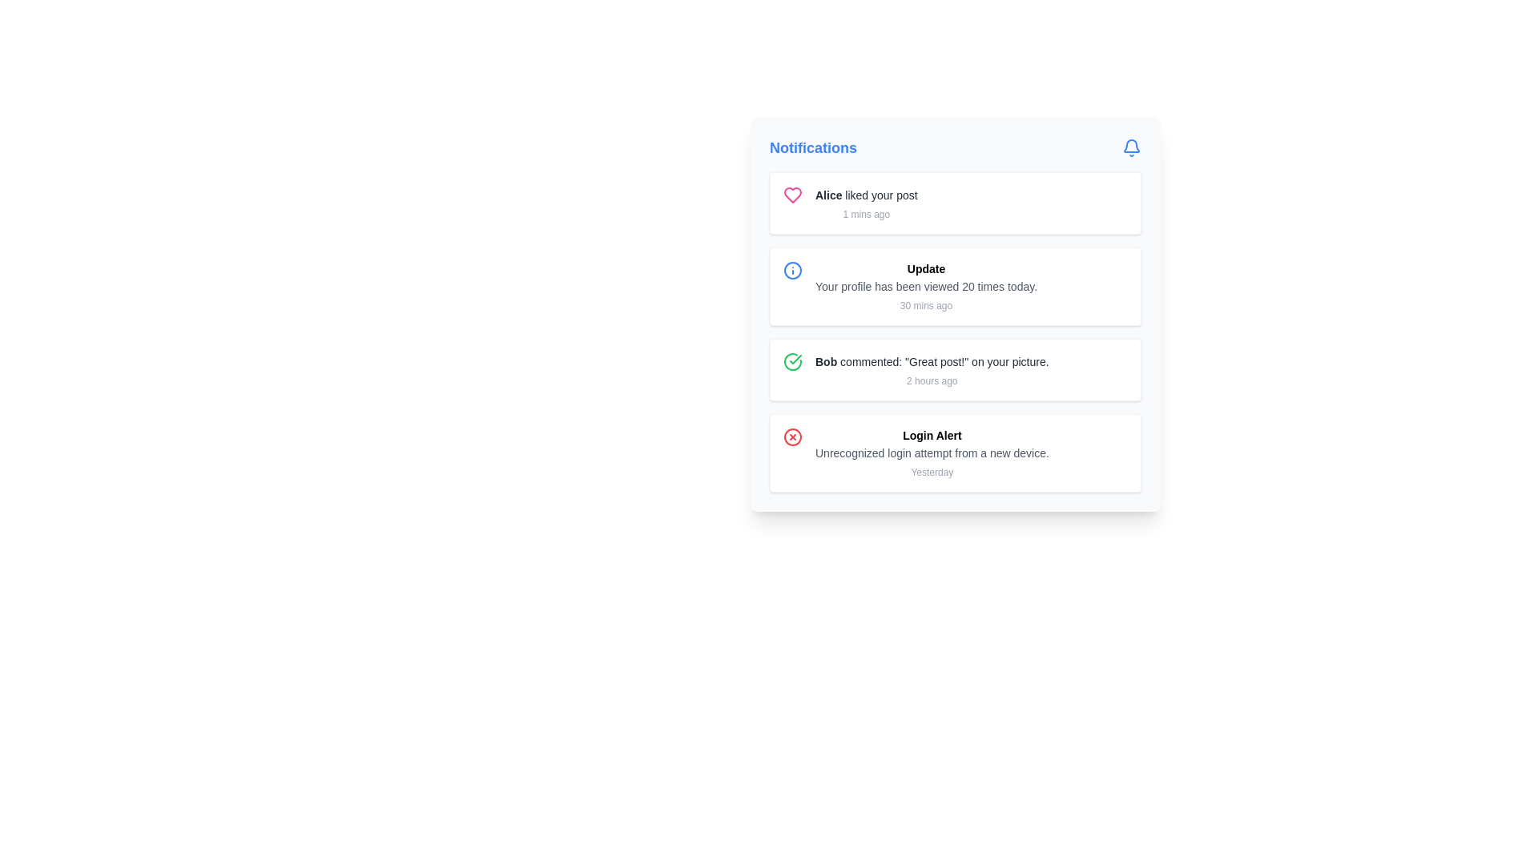 This screenshot has width=1538, height=865. Describe the element at coordinates (932, 453) in the screenshot. I see `the text label displaying 'Unrecognized login attempt from a new device.'` at that location.